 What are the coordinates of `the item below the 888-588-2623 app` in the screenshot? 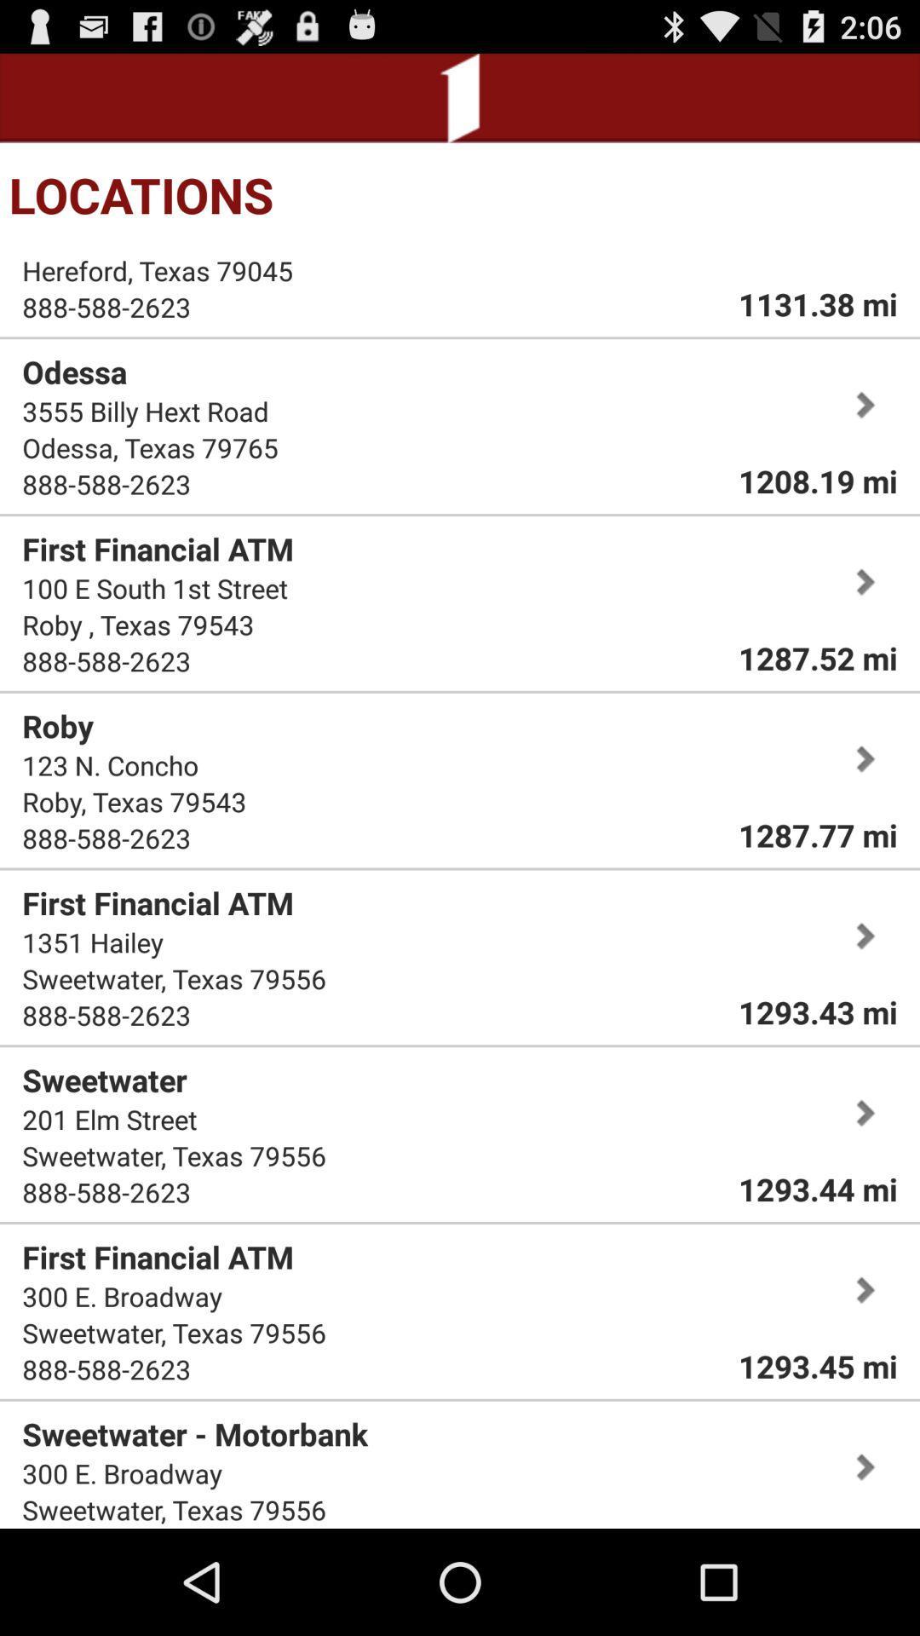 It's located at (194, 1433).